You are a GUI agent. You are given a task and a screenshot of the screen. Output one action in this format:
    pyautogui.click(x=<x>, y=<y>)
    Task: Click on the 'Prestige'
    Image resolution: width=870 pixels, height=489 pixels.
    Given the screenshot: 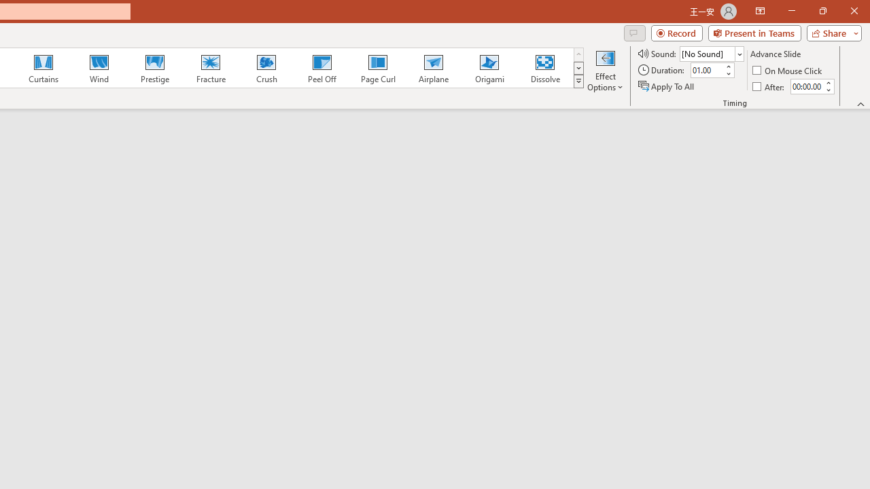 What is the action you would take?
    pyautogui.click(x=154, y=68)
    